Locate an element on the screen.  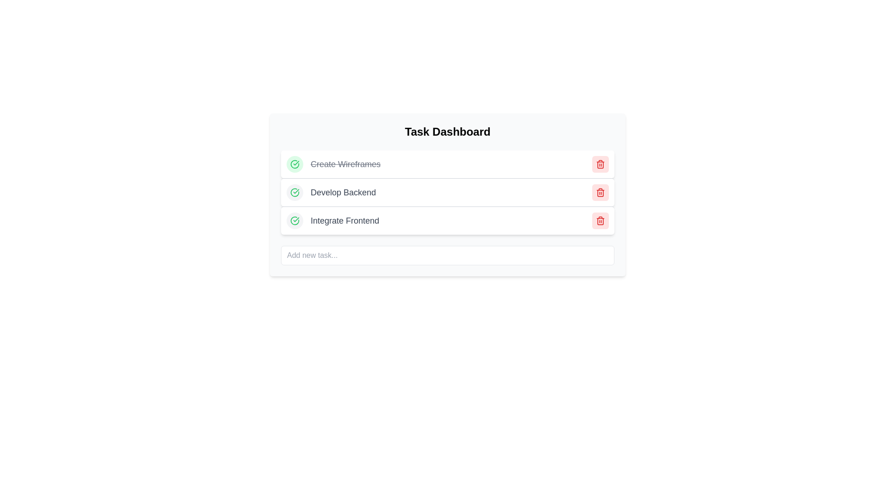
completion status icon located in the third row labeled 'Integrate Frontend' on the Task Dashboard to understand the task status indication is located at coordinates (294, 221).